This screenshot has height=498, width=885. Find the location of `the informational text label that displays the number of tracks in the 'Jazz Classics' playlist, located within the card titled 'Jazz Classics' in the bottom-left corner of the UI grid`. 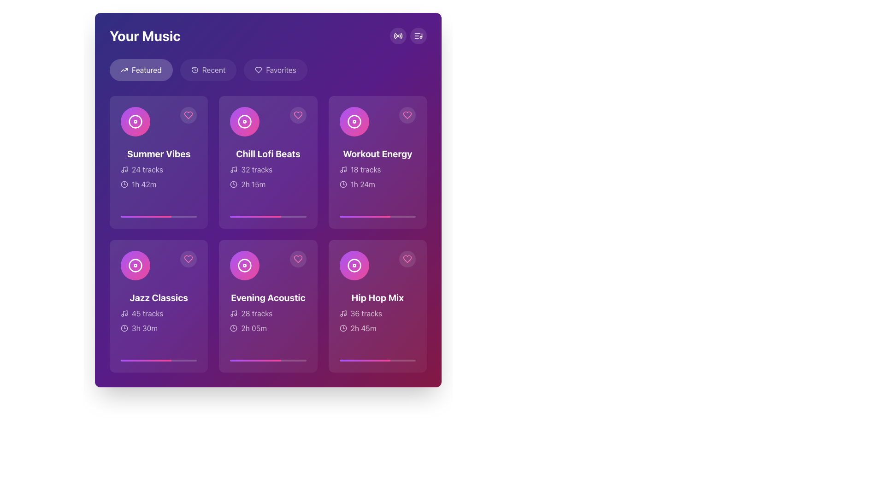

the informational text label that displays the number of tracks in the 'Jazz Classics' playlist, located within the card titled 'Jazz Classics' in the bottom-left corner of the UI grid is located at coordinates (147, 313).